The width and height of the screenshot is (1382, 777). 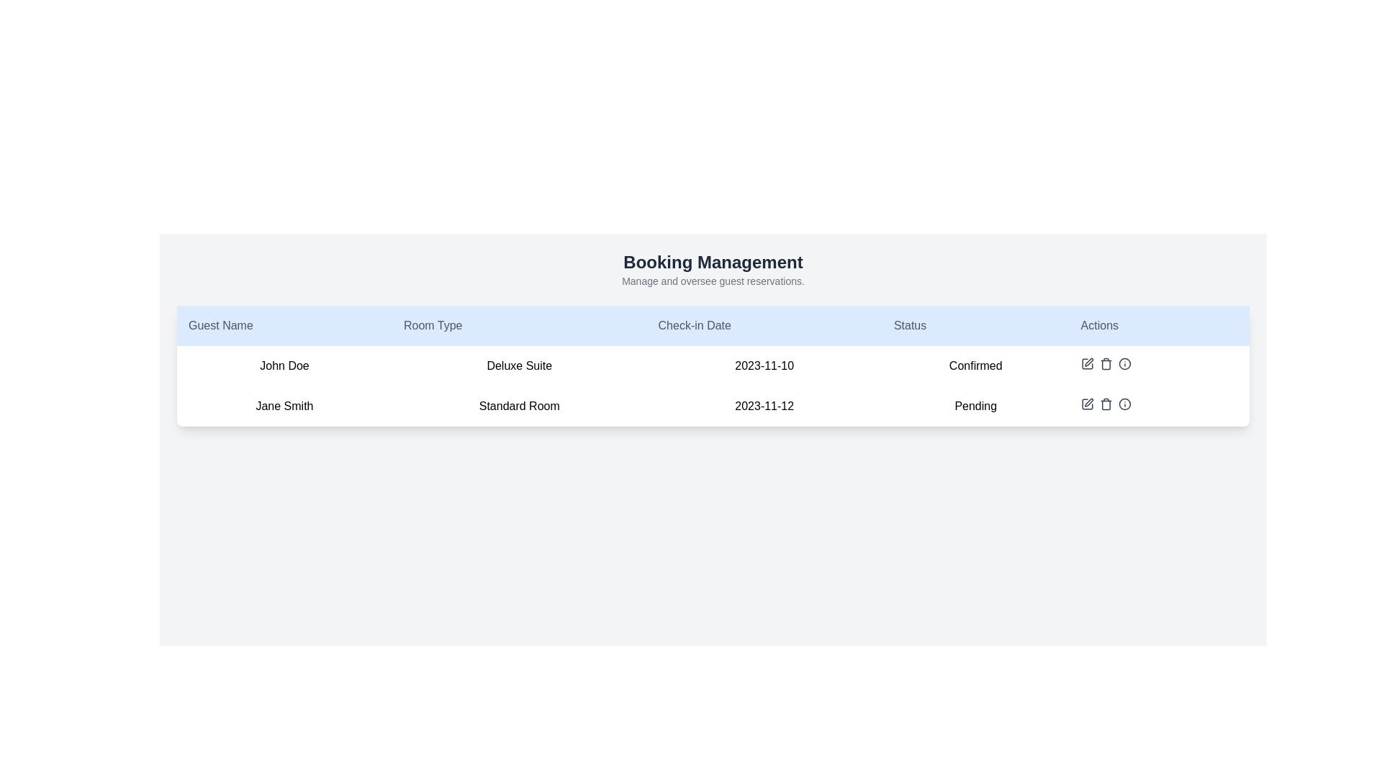 What do you see at coordinates (284, 365) in the screenshot?
I see `text content of the Text Label displaying 'John Doe', which is located in the first cell of the first row under the 'Guest Name' column header` at bounding box center [284, 365].